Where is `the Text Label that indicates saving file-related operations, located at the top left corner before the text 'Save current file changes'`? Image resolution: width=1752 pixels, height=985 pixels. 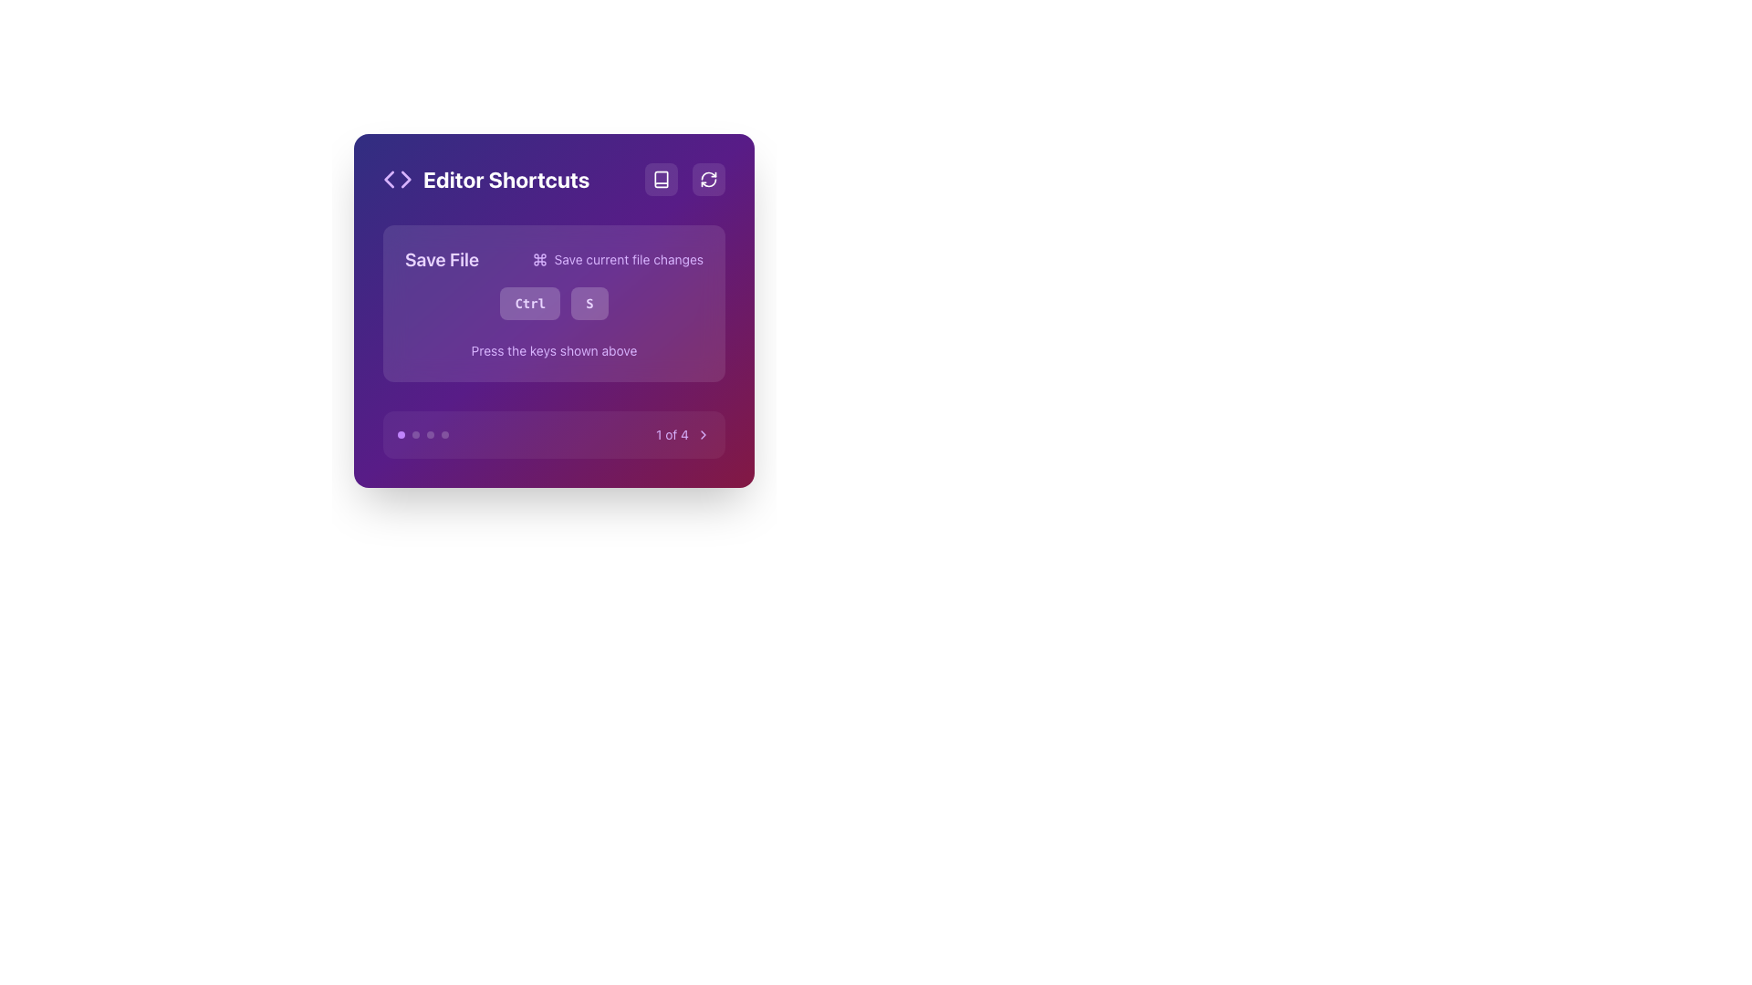 the Text Label that indicates saving file-related operations, located at the top left corner before the text 'Save current file changes' is located at coordinates (442, 260).